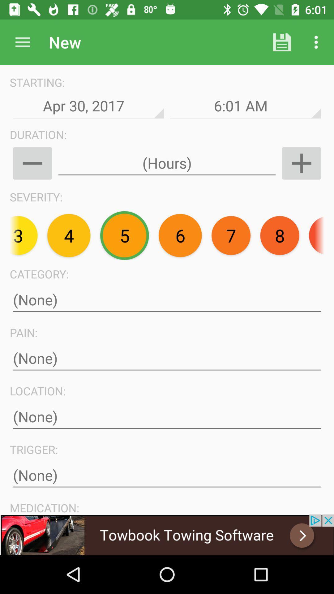 This screenshot has width=334, height=594. What do you see at coordinates (32, 163) in the screenshot?
I see `minus button` at bounding box center [32, 163].